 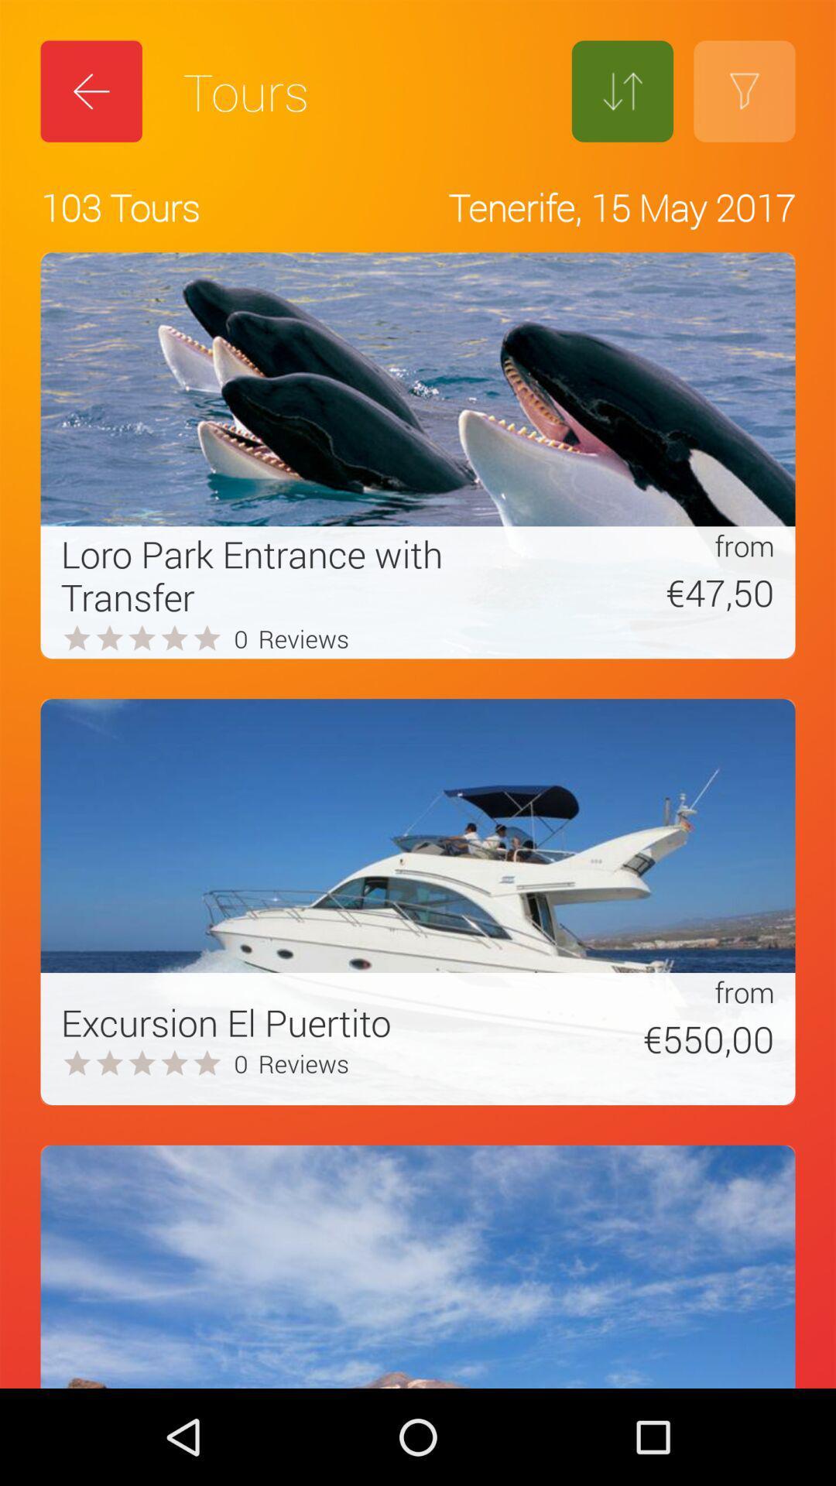 I want to click on the arrow_backward icon, so click(x=91, y=91).